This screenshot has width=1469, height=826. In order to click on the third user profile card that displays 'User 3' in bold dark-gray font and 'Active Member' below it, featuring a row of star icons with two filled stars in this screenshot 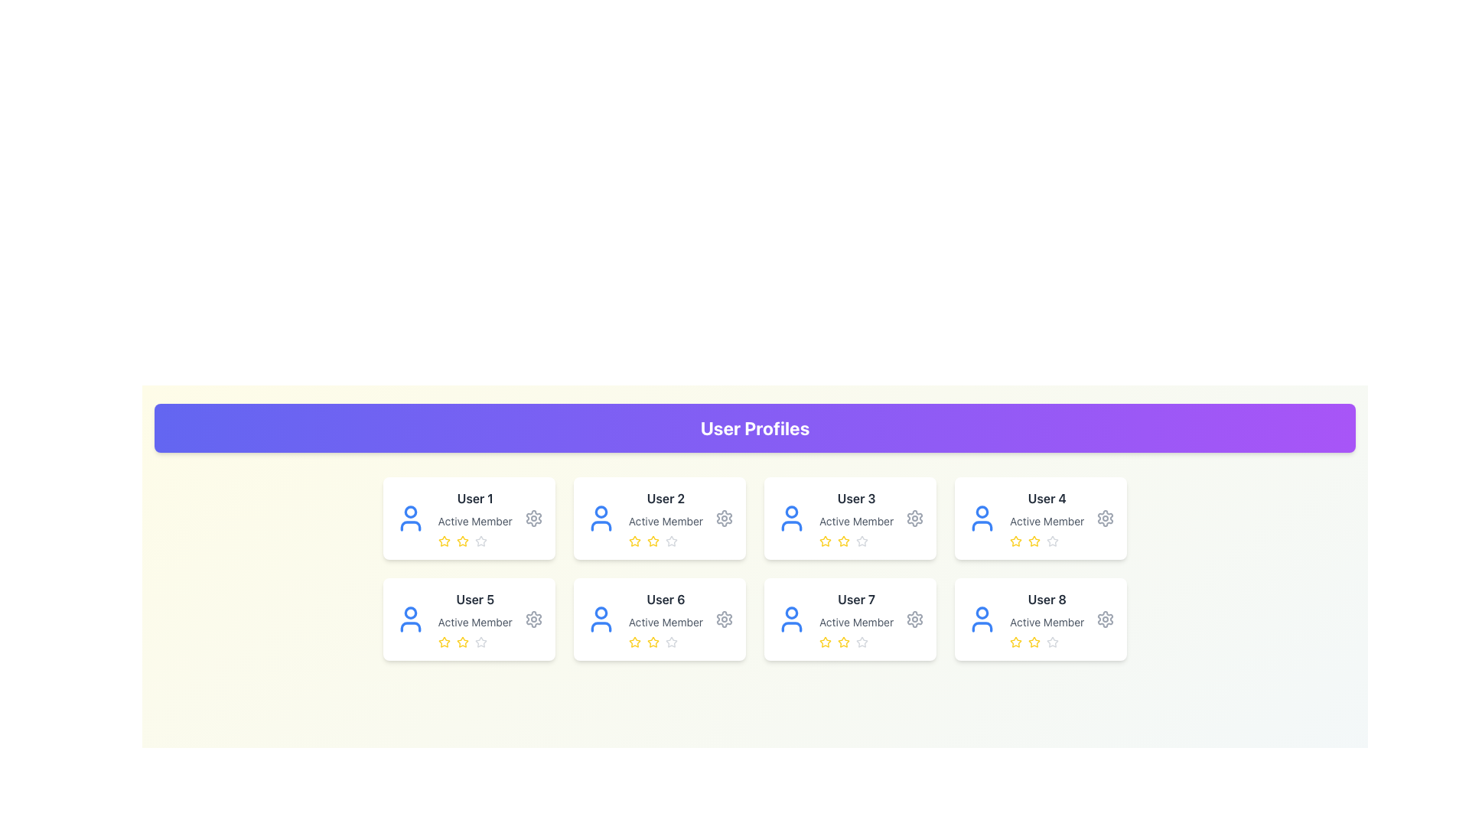, I will do `click(855, 518)`.